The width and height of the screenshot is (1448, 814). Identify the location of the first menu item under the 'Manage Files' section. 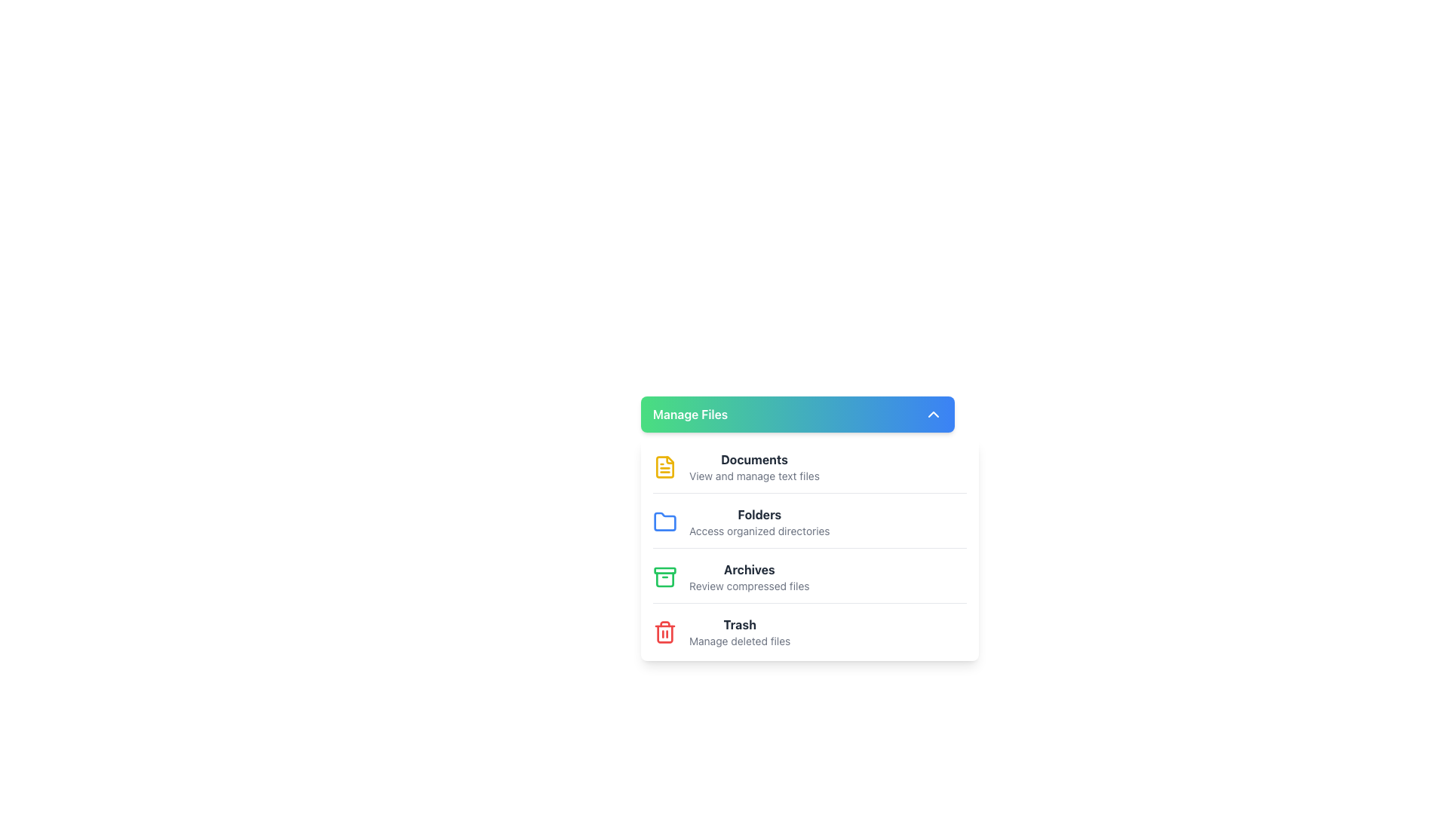
(809, 470).